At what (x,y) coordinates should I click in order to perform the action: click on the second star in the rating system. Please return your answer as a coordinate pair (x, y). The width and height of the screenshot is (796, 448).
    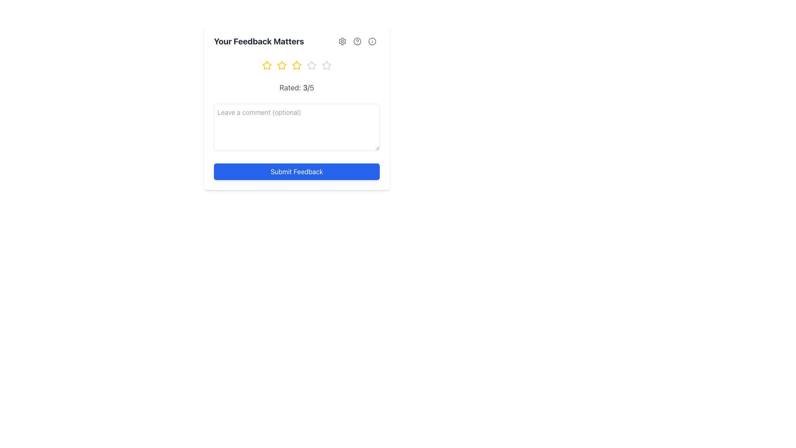
    Looking at the image, I should click on (267, 65).